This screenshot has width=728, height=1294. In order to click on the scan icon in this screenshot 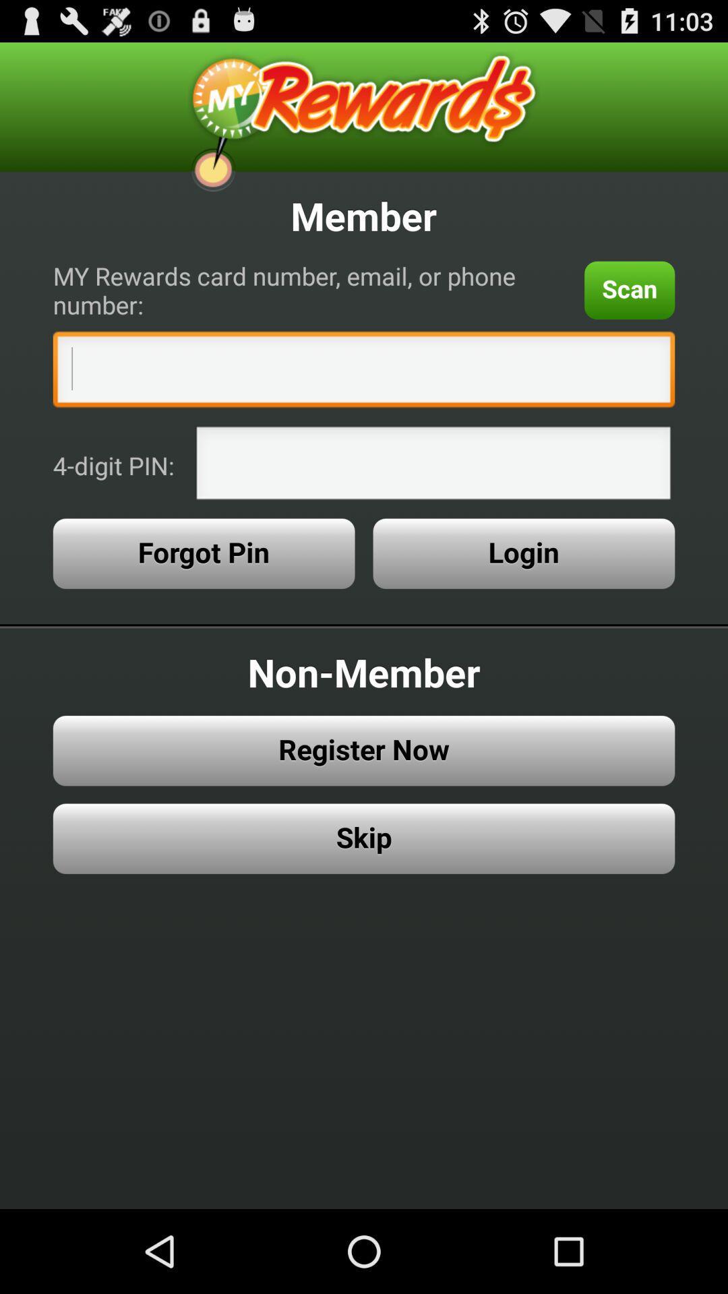, I will do `click(630, 289)`.